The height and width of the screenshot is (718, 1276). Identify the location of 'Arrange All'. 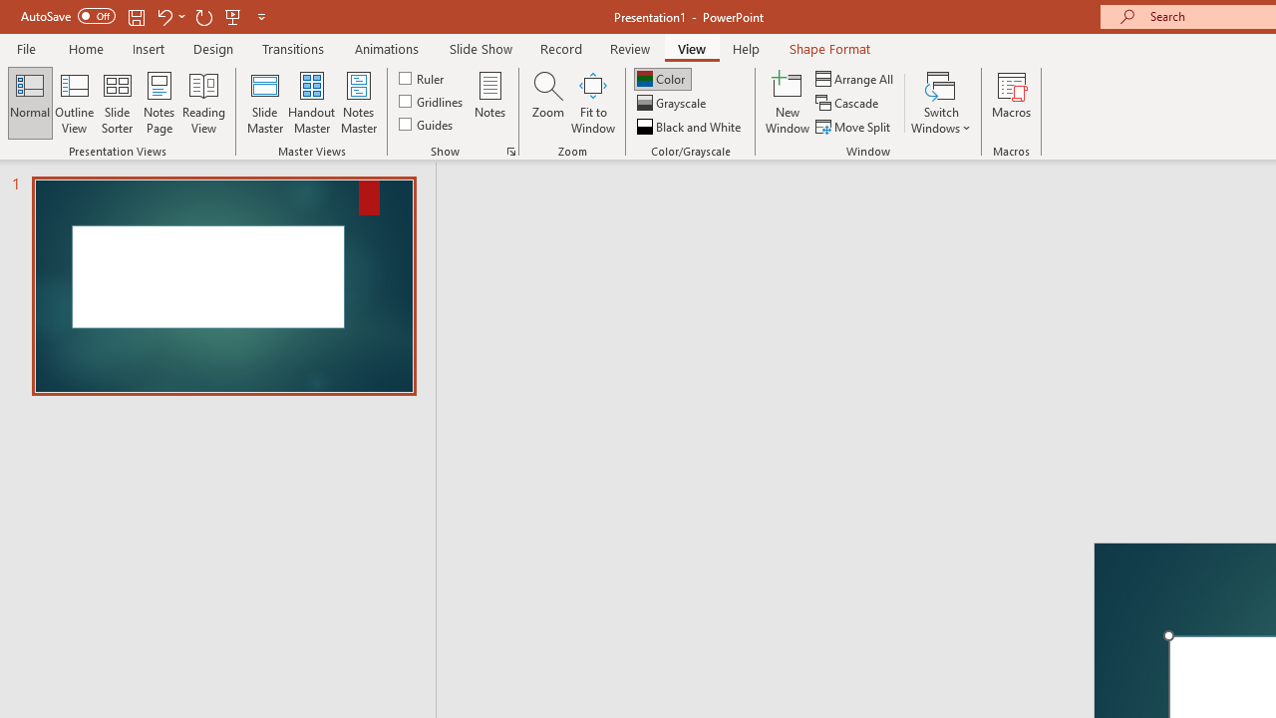
(855, 78).